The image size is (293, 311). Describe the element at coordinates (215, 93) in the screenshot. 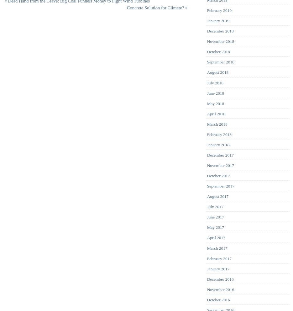

I see `'June 2018'` at that location.